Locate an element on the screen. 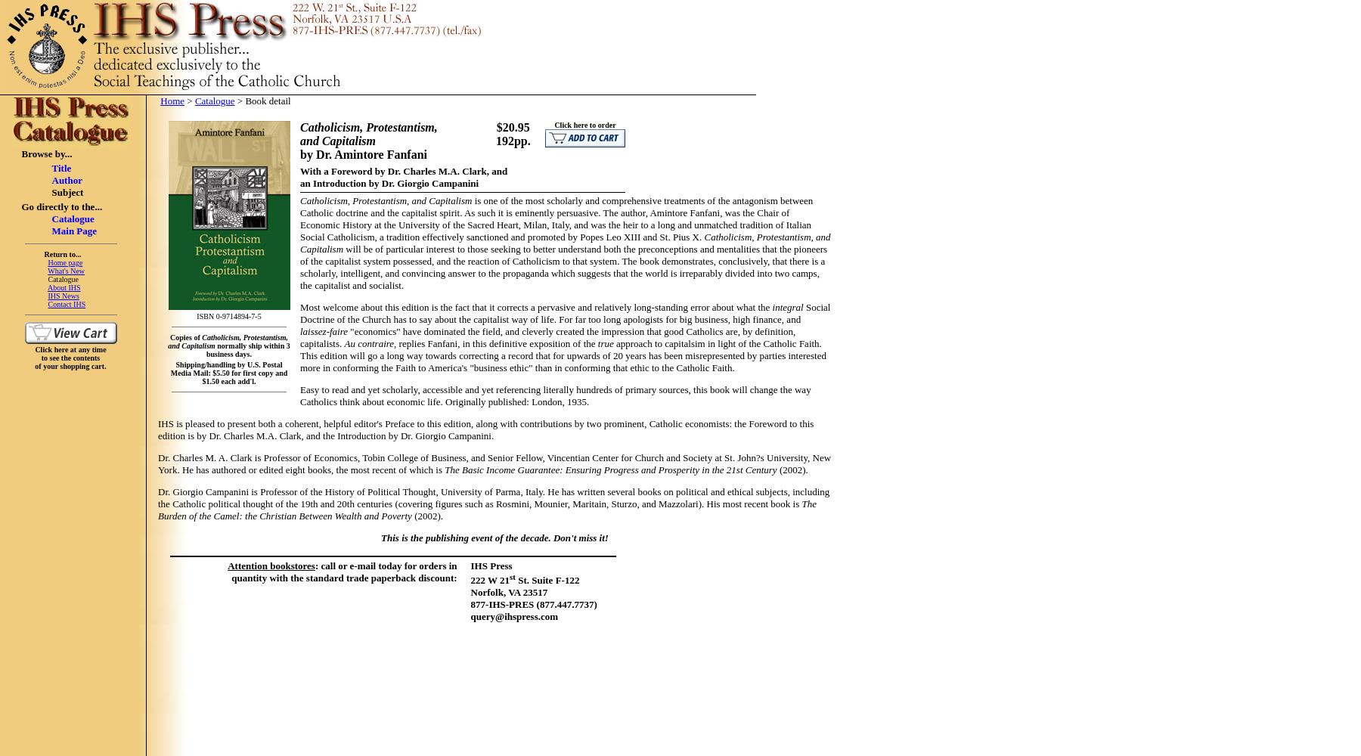  'Easy to read and yet scholarly, accessible and yet referencing literally hundreds of primary sources, this book will change the way Catholics think about economic life. Originally published: London, 1935.' is located at coordinates (554, 395).